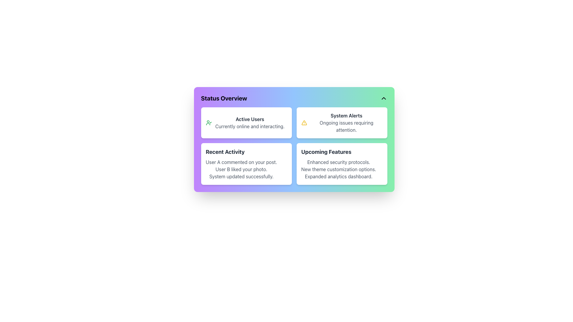 The width and height of the screenshot is (573, 322). Describe the element at coordinates (241, 162) in the screenshot. I see `the static text notification reading 'User A commented on your post.' located in the 'Recent Activity' section of the dashboard interface` at that location.